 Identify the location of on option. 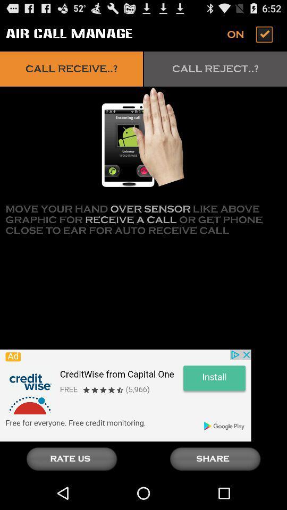
(251, 34).